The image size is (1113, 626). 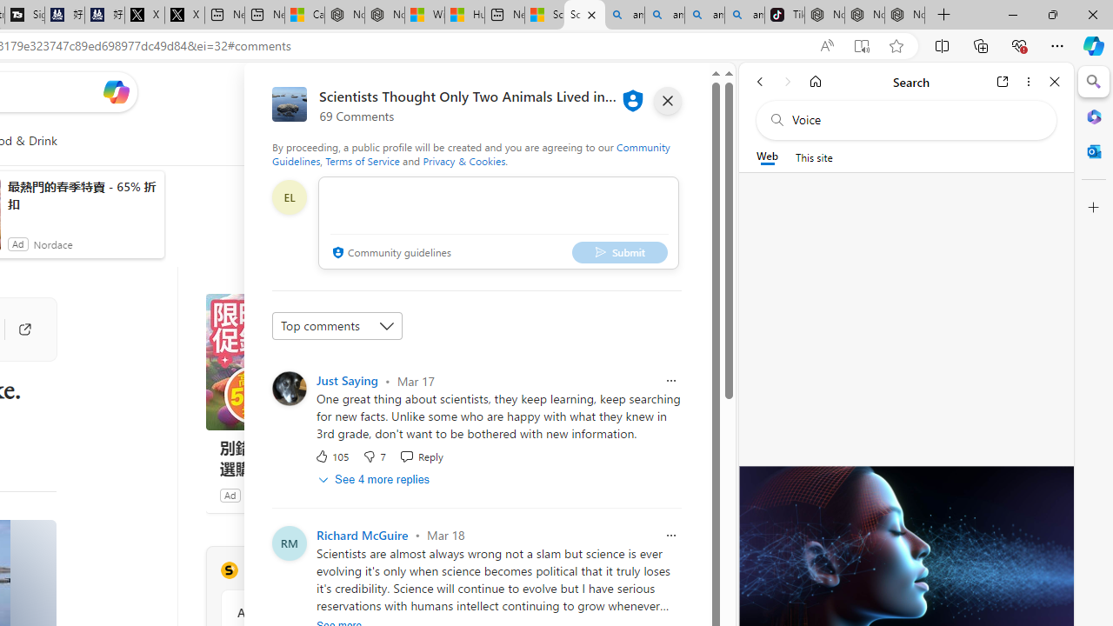 I want to click on 'Profile Picture', so click(x=290, y=542).